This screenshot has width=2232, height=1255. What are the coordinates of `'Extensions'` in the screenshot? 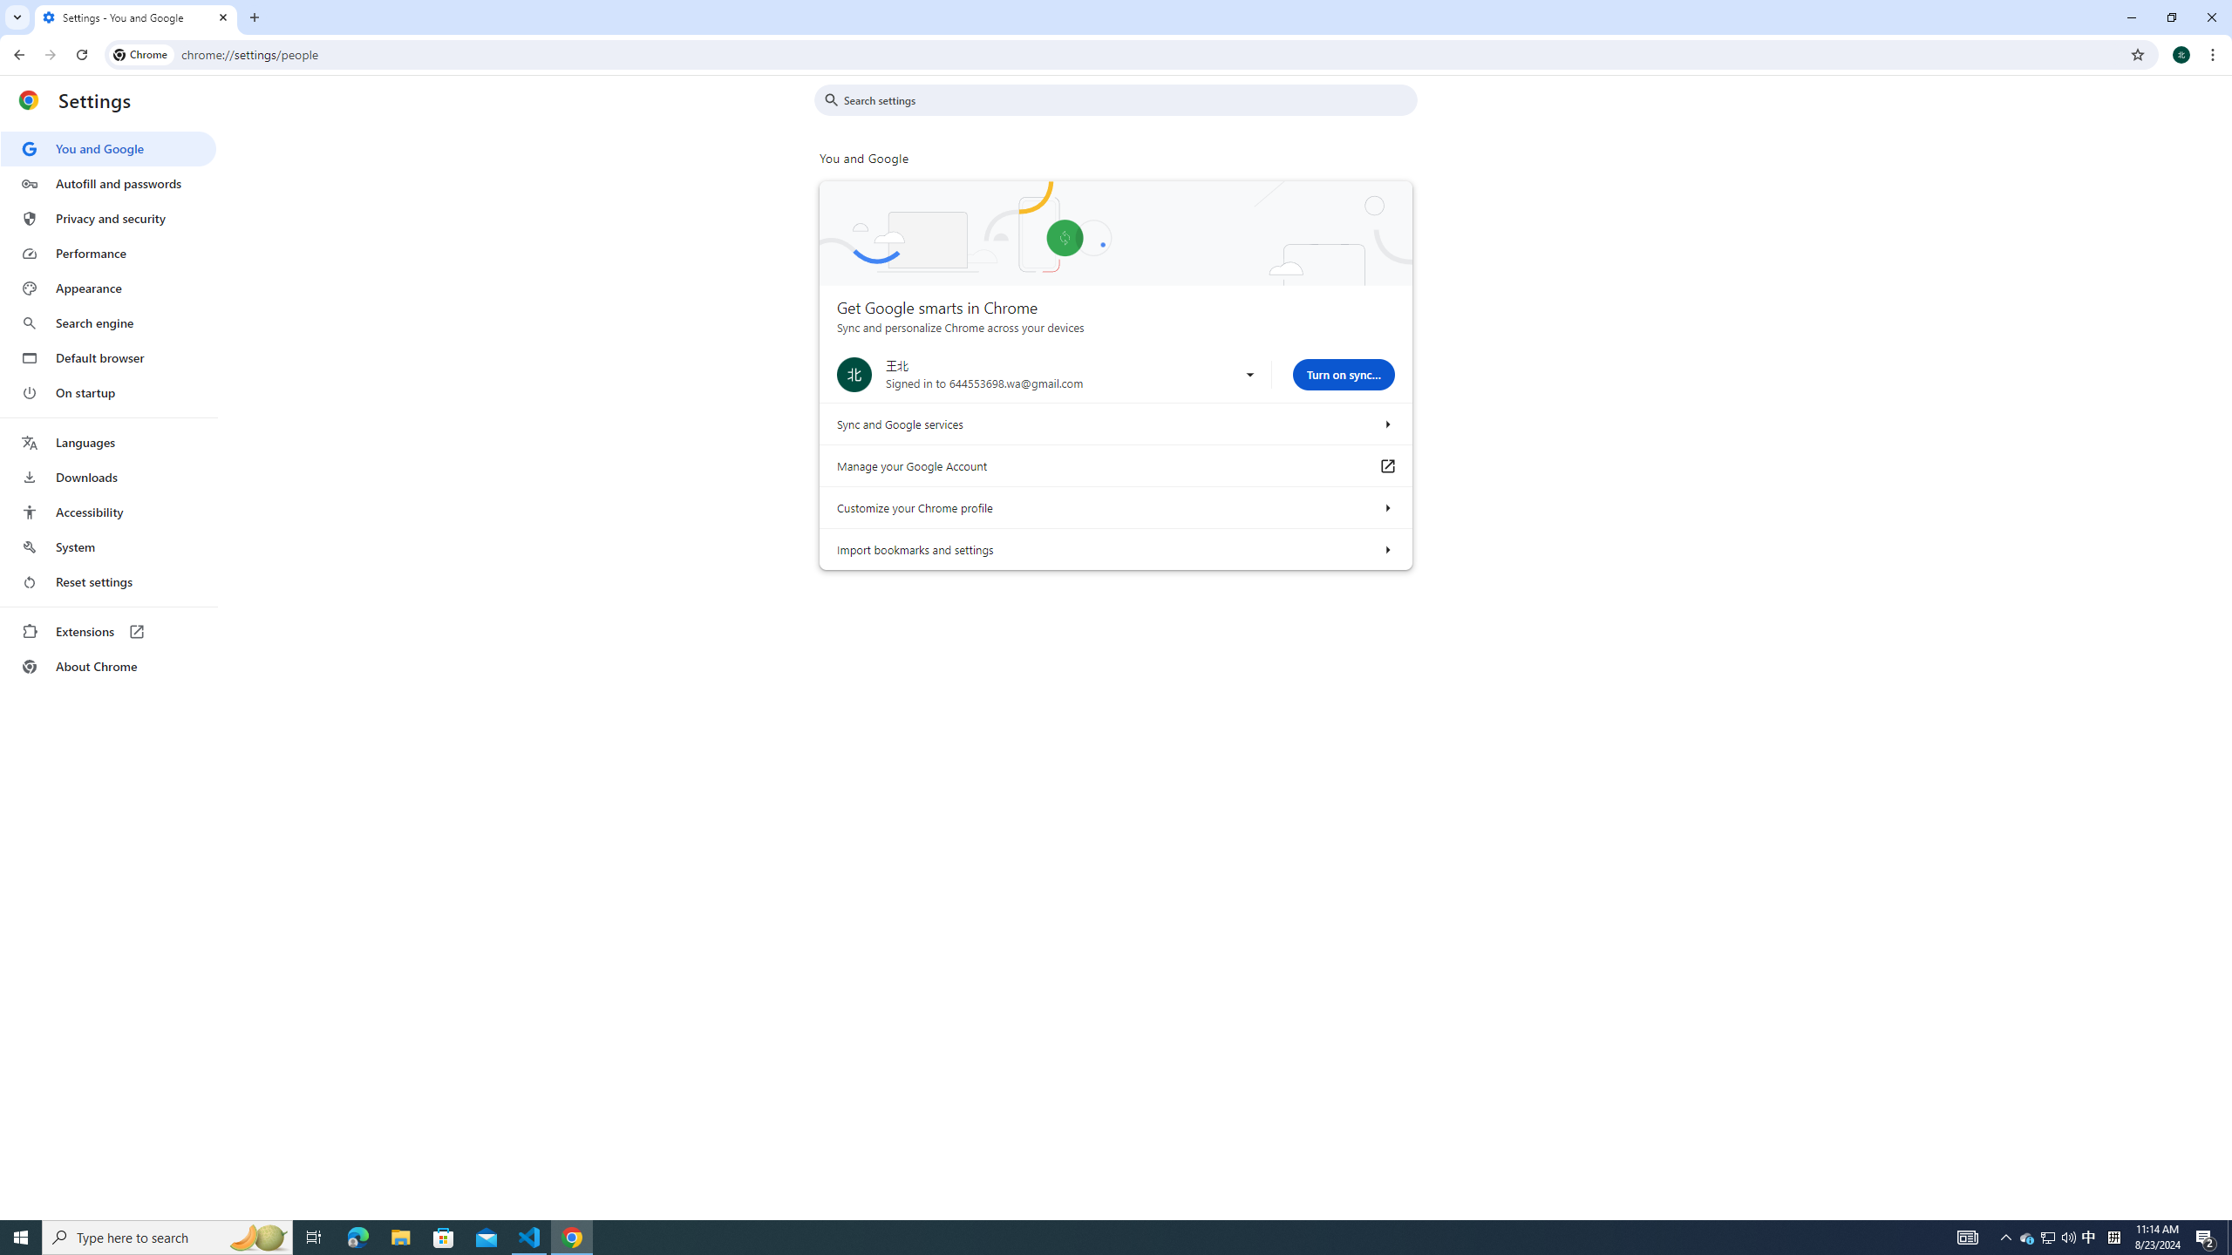 It's located at (107, 631).